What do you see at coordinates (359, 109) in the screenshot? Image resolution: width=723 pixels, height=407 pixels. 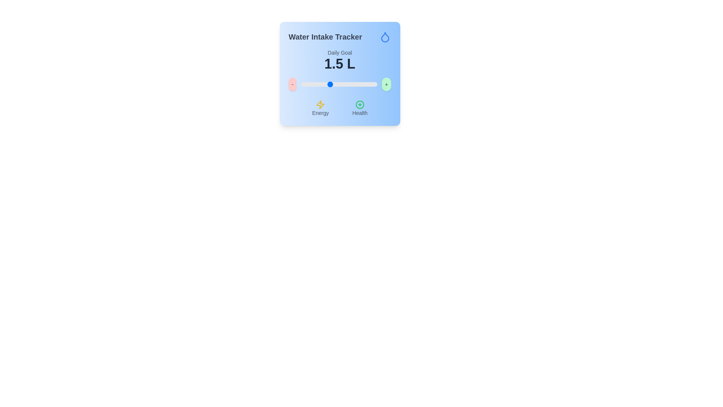 I see `the health metrics text element located on the lower-right section of the interface, positioned to the right of the 'Energy' label` at bounding box center [359, 109].